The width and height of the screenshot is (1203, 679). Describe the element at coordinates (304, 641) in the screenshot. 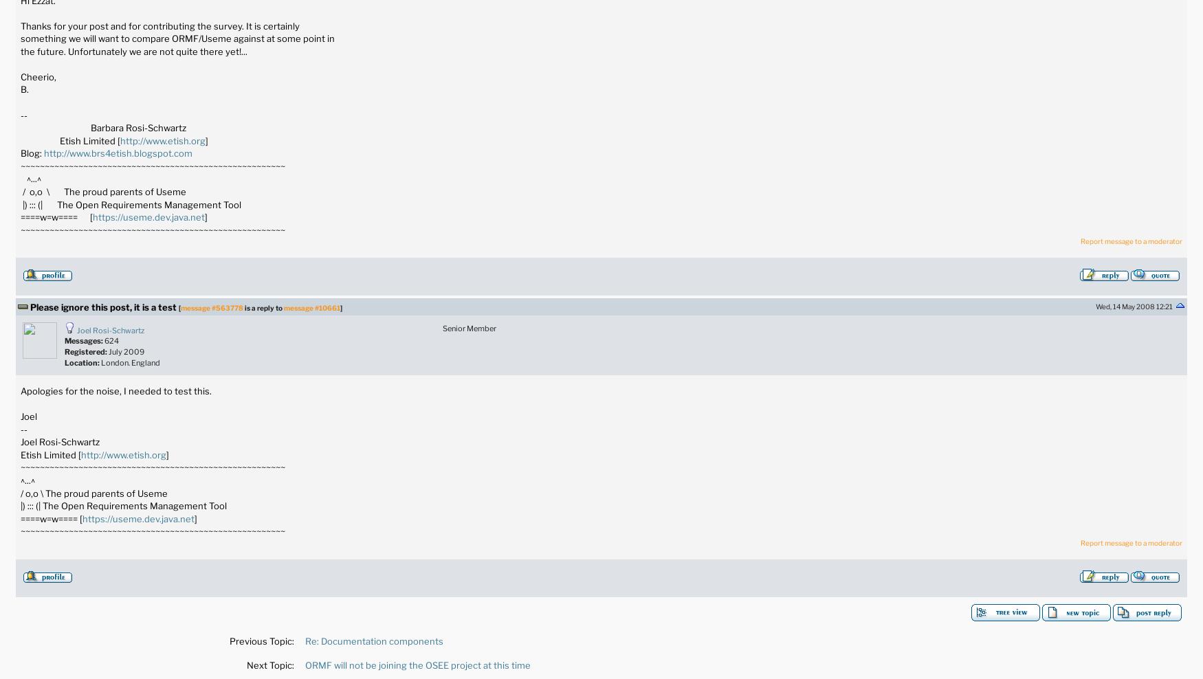

I see `'Re: Documentation components'` at that location.